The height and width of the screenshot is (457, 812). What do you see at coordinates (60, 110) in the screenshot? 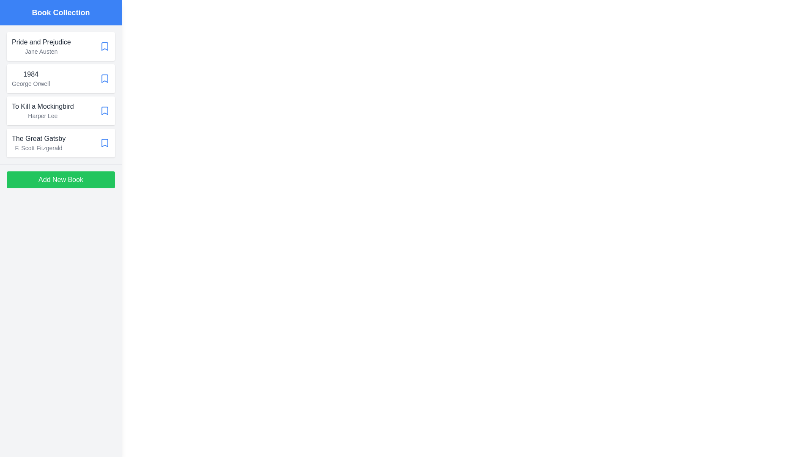
I see `the book item To Kill a Mockingbird to view additional feedback` at bounding box center [60, 110].